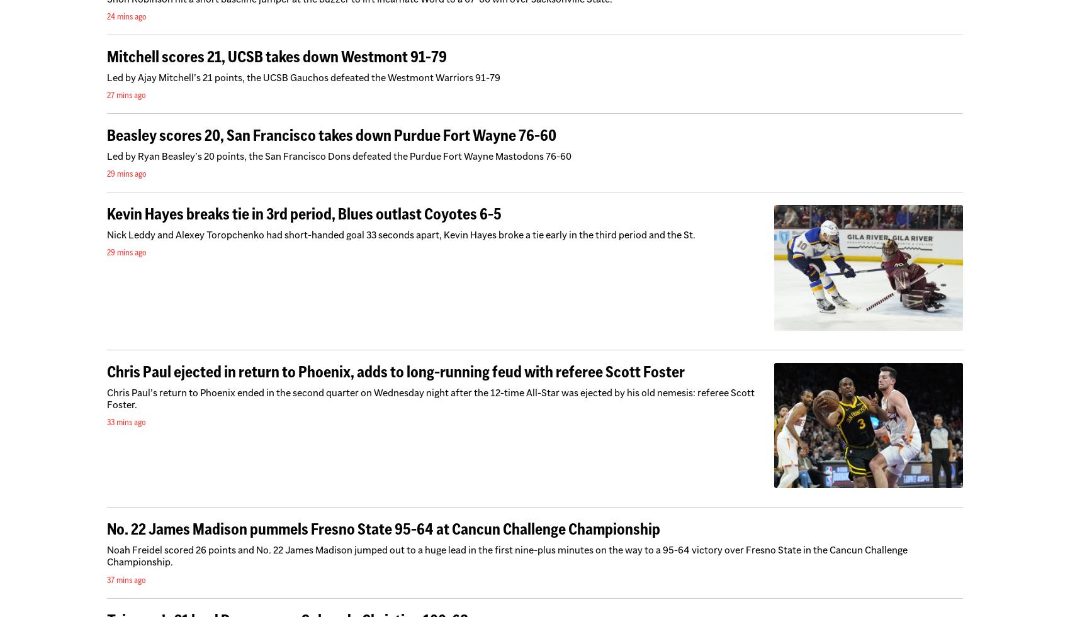 This screenshot has height=617, width=1070. What do you see at coordinates (395, 370) in the screenshot?
I see `'Chris Paul ejected in return to Phoenix, adds to long-running feud with referee Scott Foster'` at bounding box center [395, 370].